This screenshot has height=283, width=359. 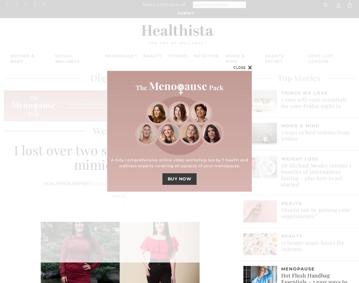 I want to click on 'Should you be pulsing your supplements?', so click(x=316, y=212).